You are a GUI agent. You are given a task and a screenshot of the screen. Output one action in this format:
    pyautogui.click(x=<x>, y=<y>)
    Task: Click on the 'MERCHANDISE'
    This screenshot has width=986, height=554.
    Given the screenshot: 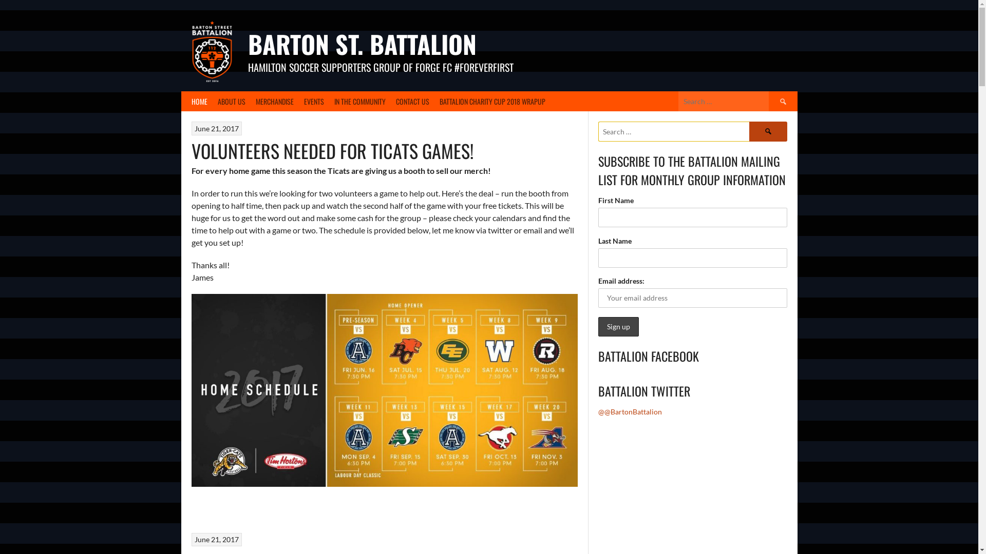 What is the action you would take?
    pyautogui.click(x=274, y=101)
    